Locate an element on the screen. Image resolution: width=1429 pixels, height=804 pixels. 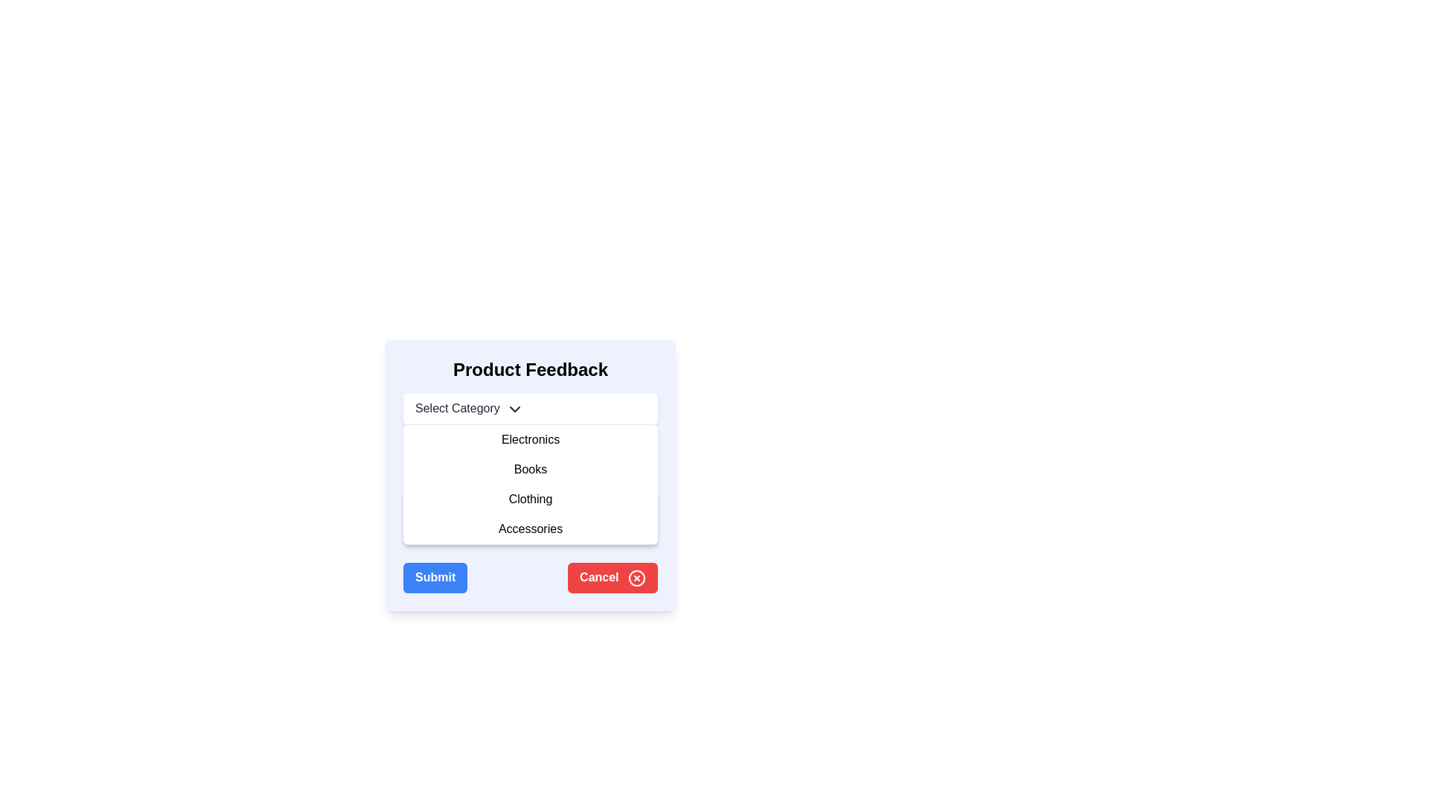
the 'Books' option in the dropdown menu is located at coordinates (531, 484).